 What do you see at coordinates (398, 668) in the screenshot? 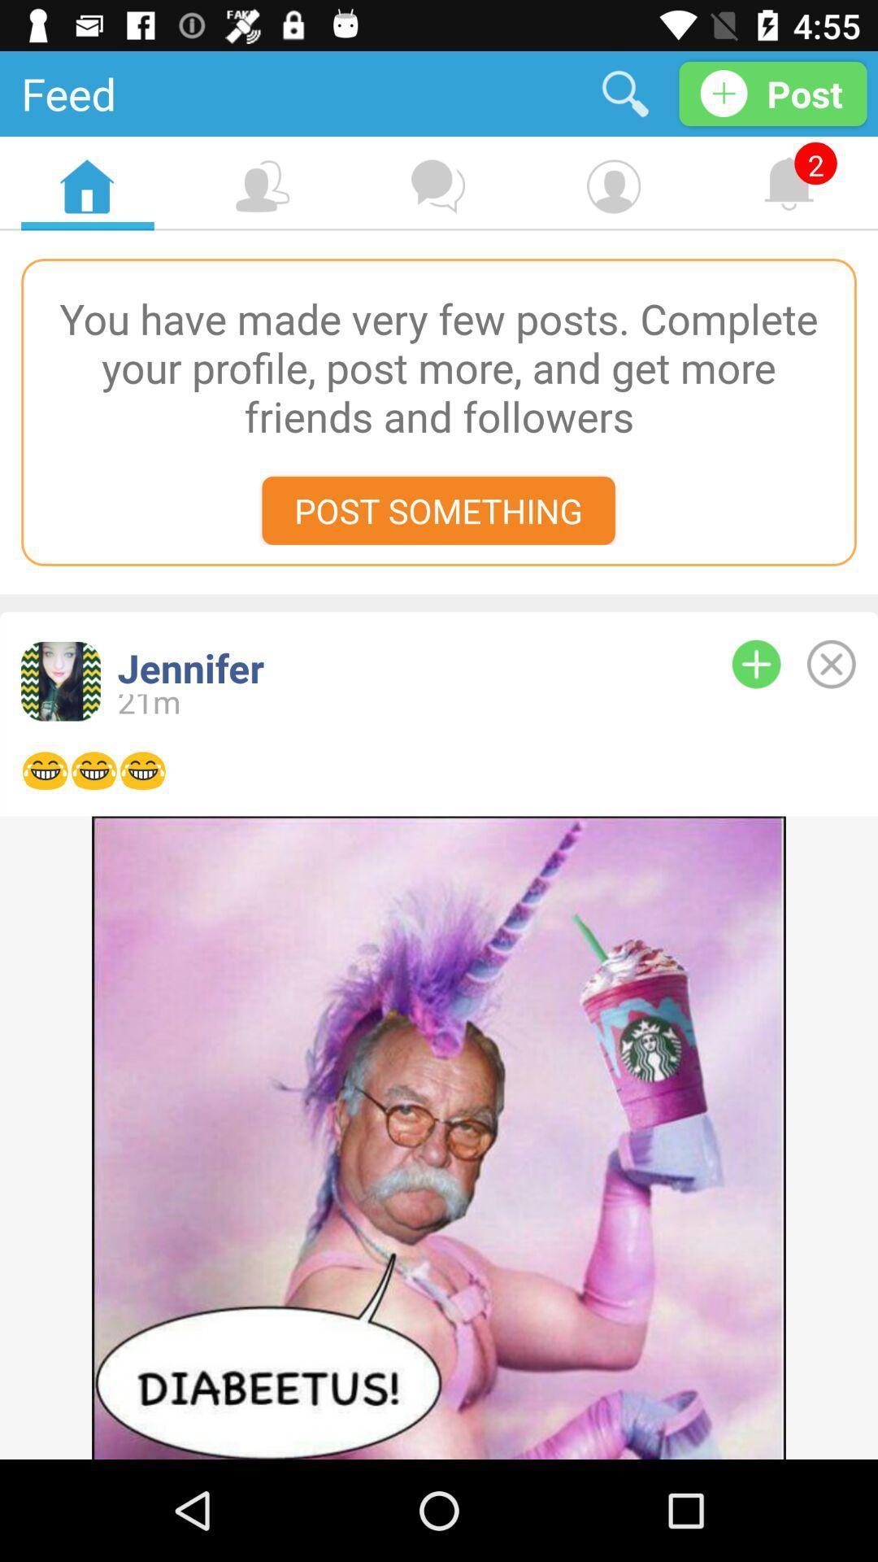
I see `jennifer` at bounding box center [398, 668].